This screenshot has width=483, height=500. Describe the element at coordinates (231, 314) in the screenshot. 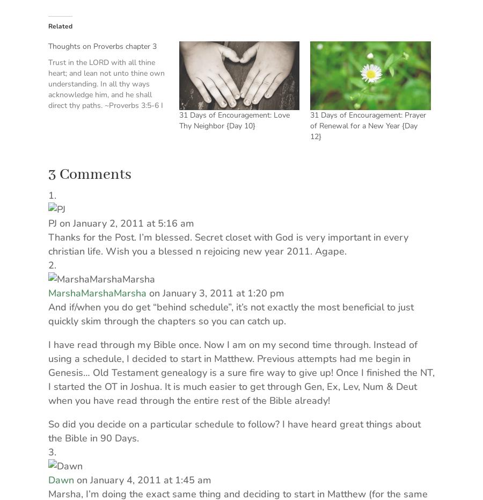

I see `'And if/when you do get “behind schedule”, it’s not exactly the most beneficial to just quickly skim through the chapters so you can catch up.'` at that location.